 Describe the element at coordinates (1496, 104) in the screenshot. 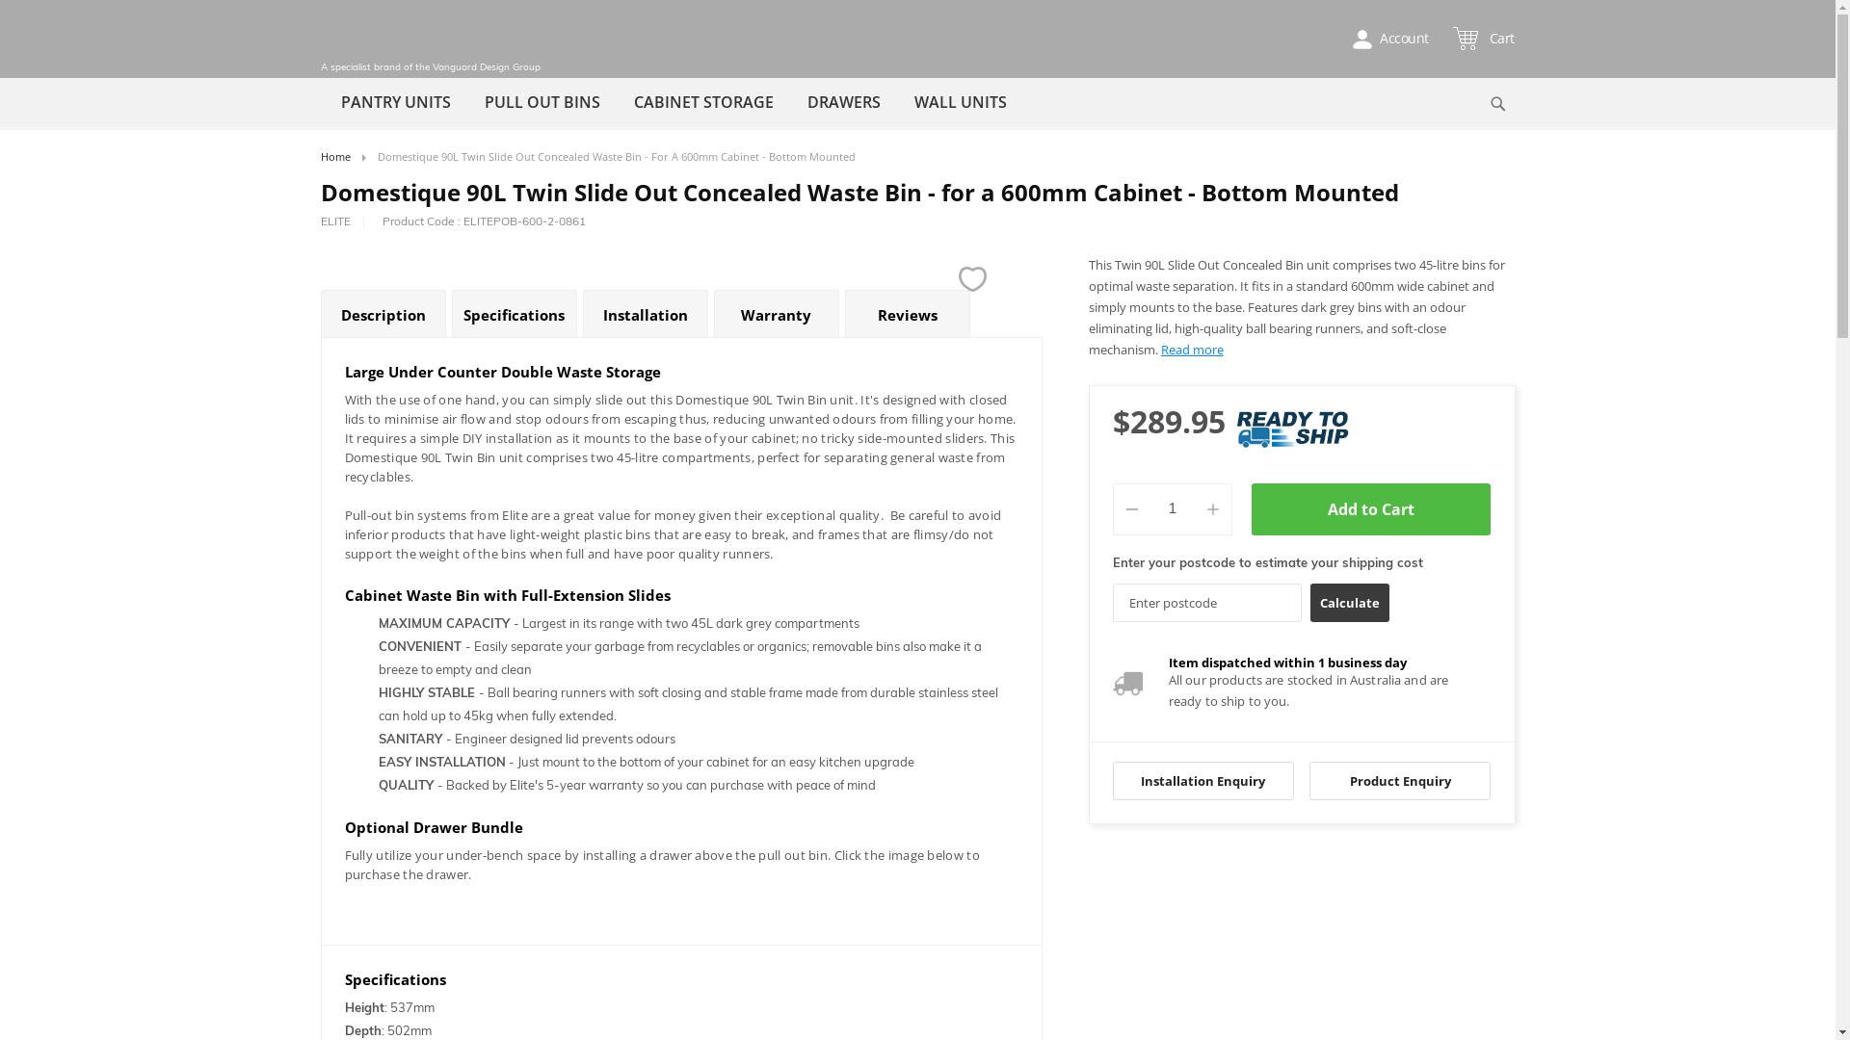

I see `'Search'` at that location.